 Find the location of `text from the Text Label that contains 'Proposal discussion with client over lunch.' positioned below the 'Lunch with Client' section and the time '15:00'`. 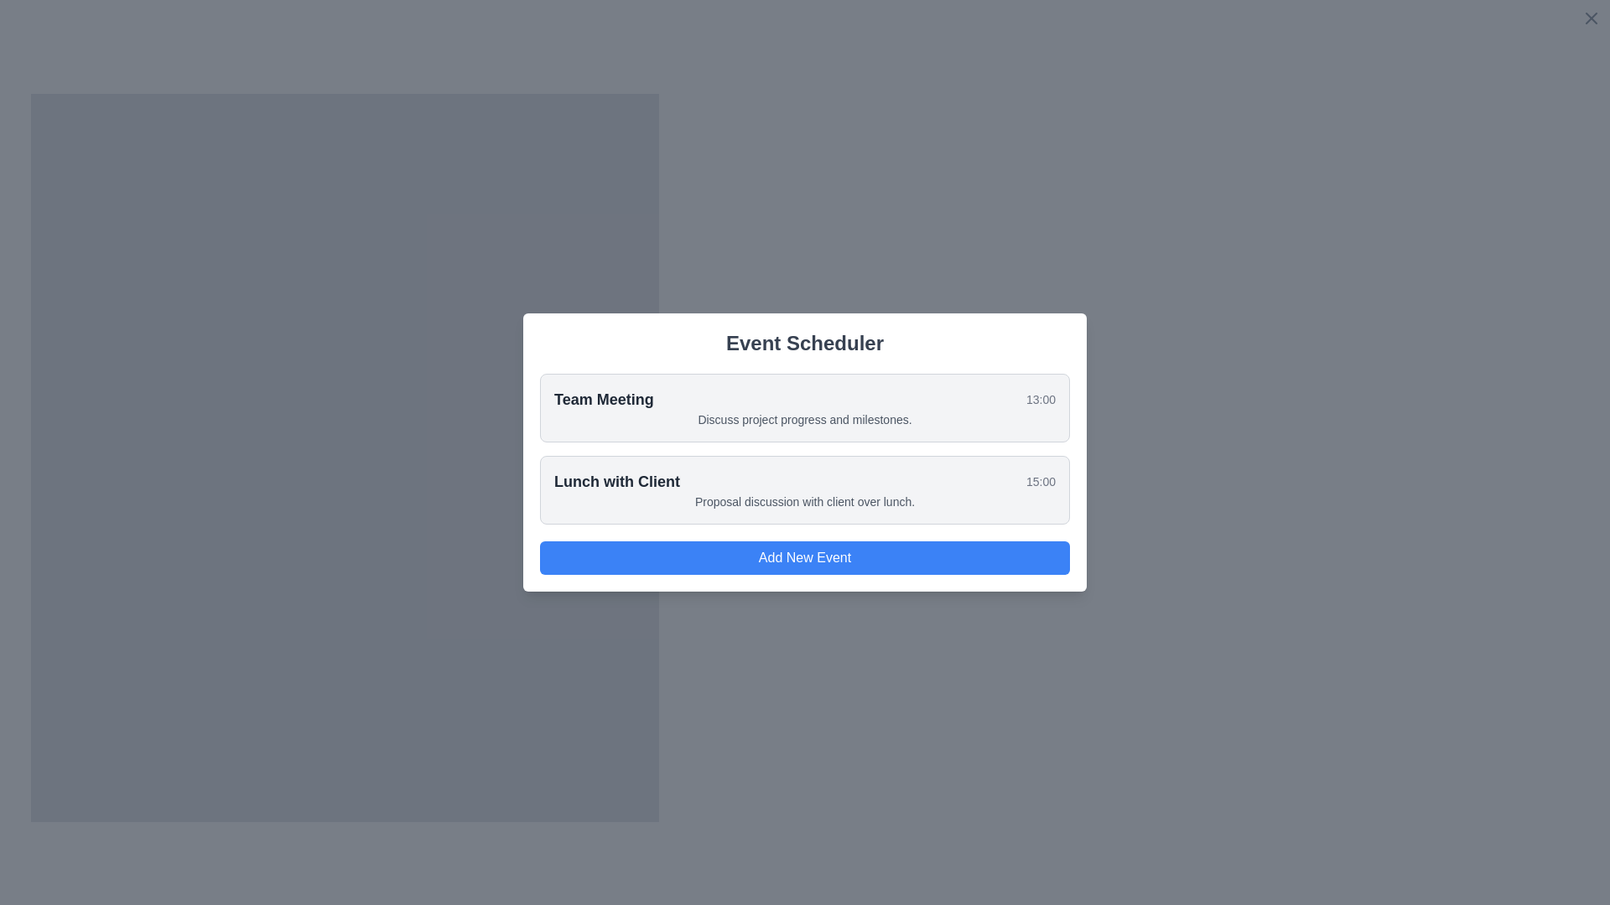

text from the Text Label that contains 'Proposal discussion with client over lunch.' positioned below the 'Lunch with Client' section and the time '15:00' is located at coordinates (805, 500).